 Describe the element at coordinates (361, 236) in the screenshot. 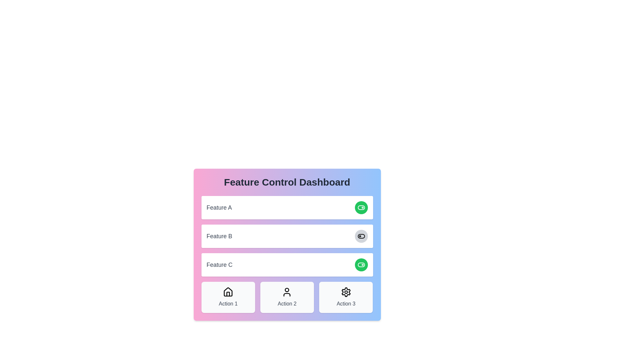

I see `the toggle button located in the second row of settings on the dashboard interface to change its state` at that location.